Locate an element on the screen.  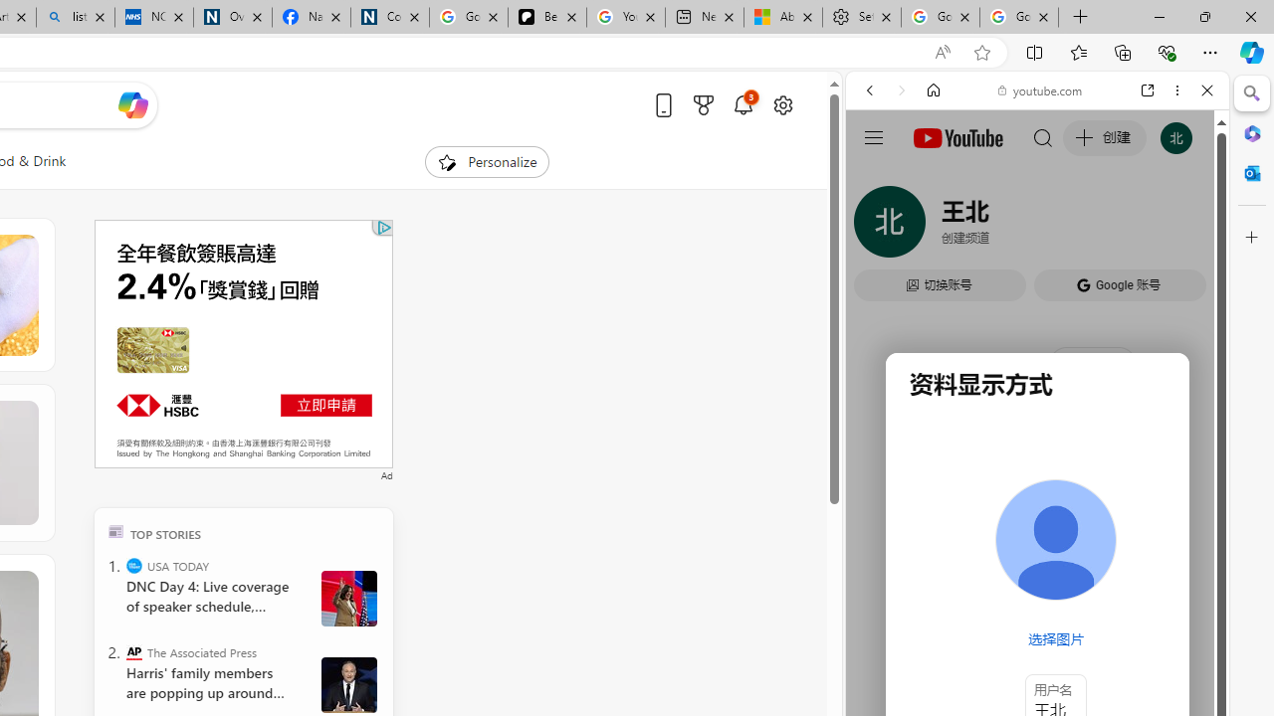
'AutomationID: canvas' is located at coordinates (243, 342).